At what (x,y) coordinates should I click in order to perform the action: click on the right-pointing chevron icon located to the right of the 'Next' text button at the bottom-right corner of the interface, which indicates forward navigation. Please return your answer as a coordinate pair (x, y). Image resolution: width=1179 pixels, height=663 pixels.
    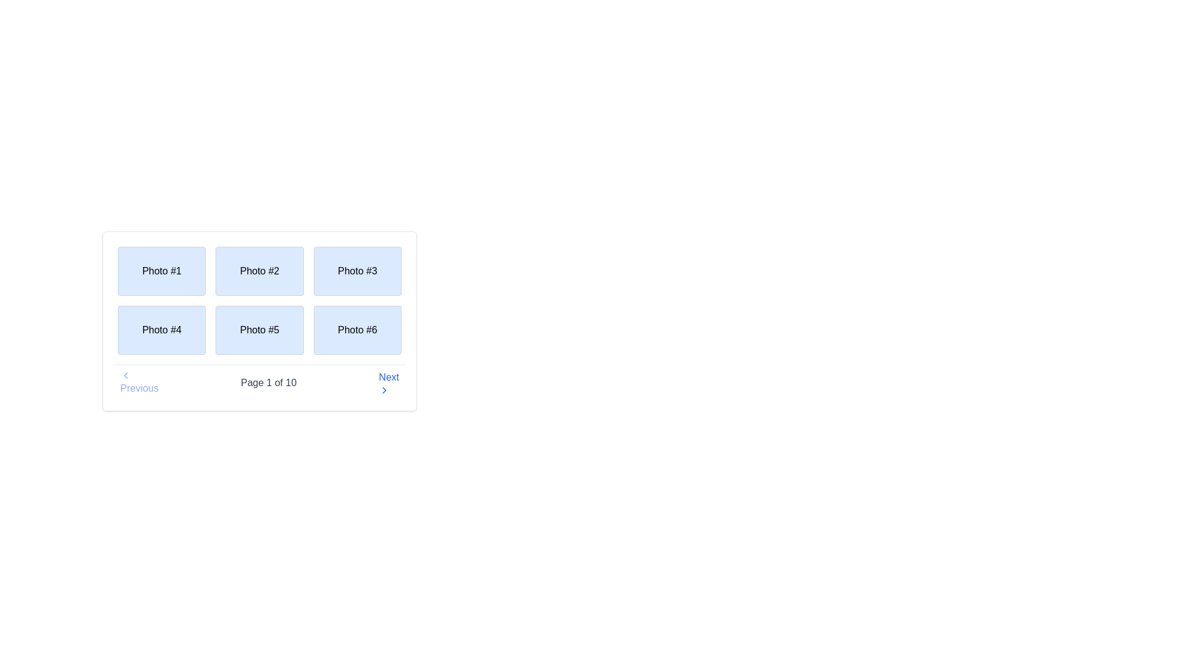
    Looking at the image, I should click on (384, 390).